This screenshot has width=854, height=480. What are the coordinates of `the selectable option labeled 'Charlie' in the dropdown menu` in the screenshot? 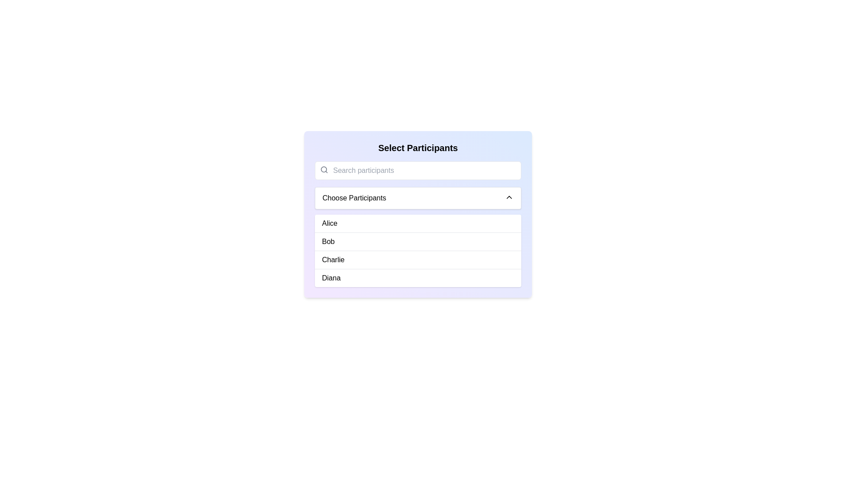 It's located at (418, 260).